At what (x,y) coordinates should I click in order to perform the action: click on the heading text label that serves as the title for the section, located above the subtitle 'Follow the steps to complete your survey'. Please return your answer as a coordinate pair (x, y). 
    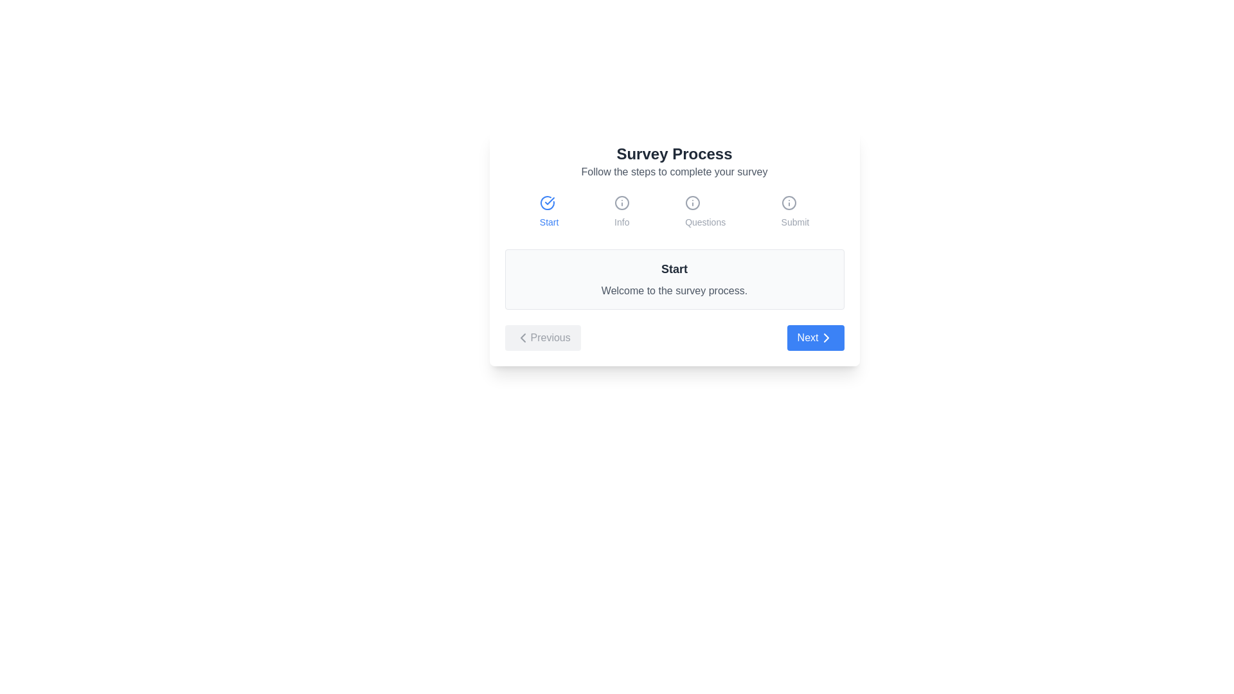
    Looking at the image, I should click on (674, 153).